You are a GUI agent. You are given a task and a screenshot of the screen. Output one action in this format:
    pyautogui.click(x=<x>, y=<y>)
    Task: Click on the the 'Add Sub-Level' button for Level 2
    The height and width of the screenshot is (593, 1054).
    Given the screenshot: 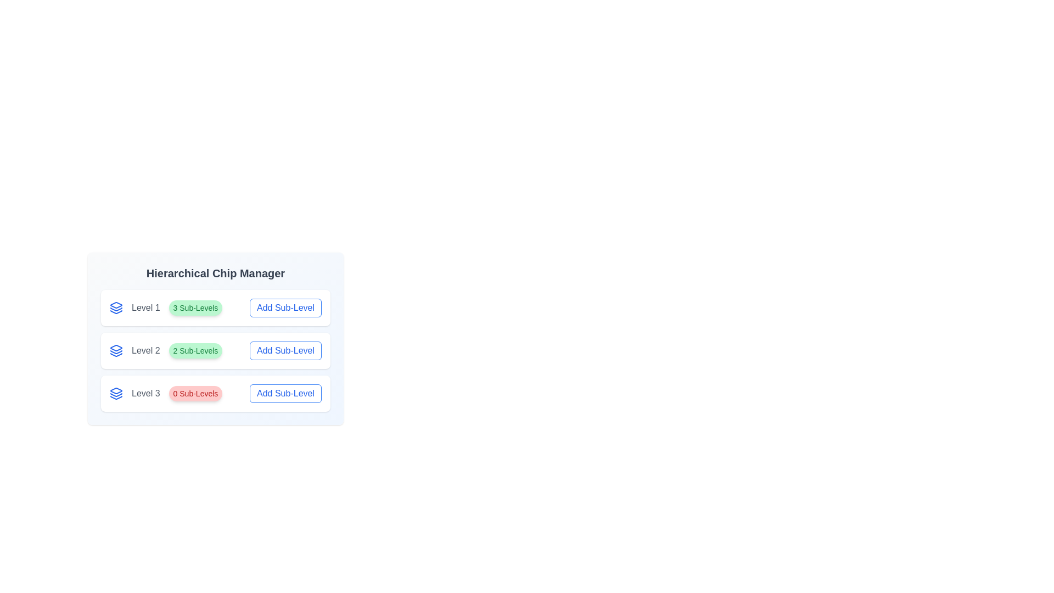 What is the action you would take?
    pyautogui.click(x=285, y=351)
    